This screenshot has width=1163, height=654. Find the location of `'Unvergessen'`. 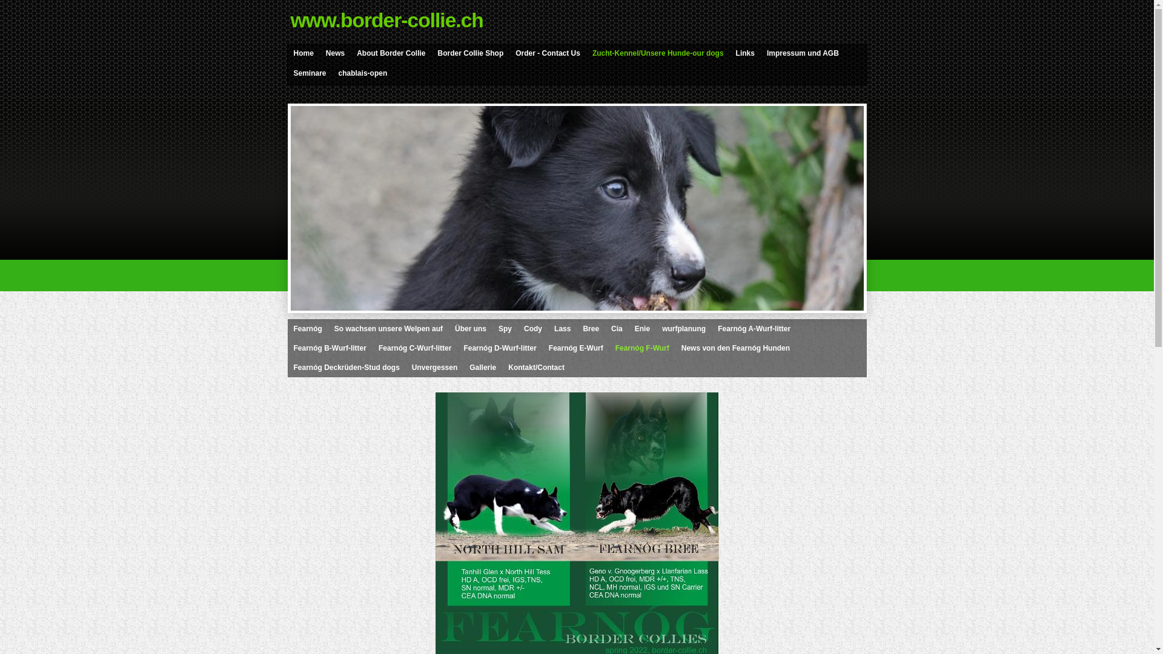

'Unvergessen' is located at coordinates (434, 366).